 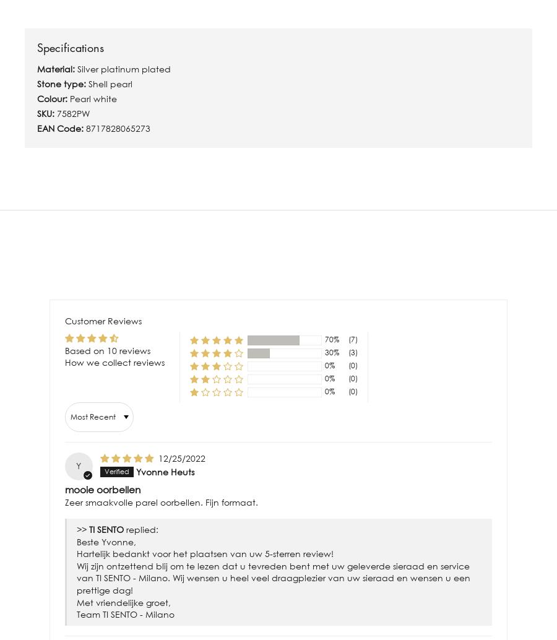 What do you see at coordinates (102, 488) in the screenshot?
I see `'mooie oorbellen'` at bounding box center [102, 488].